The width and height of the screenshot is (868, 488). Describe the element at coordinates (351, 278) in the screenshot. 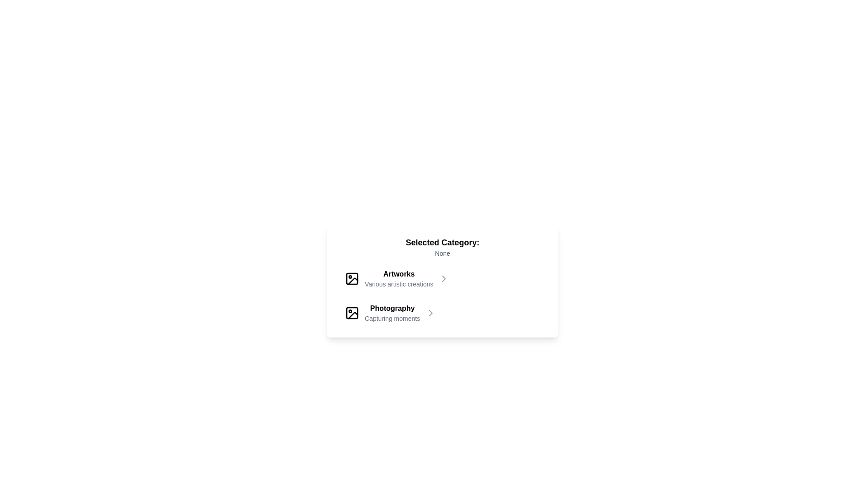

I see `the SVG rectangle in the top left corner of the SVG icon that visually represents an image or a photo` at that location.